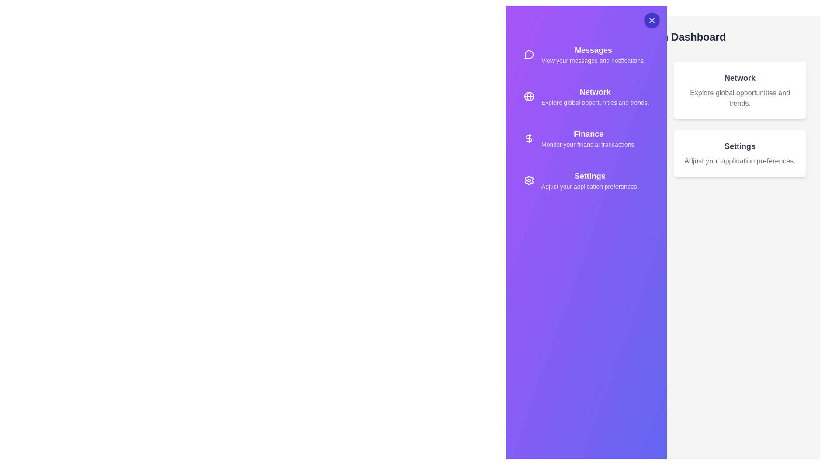 The image size is (839, 472). Describe the element at coordinates (586, 138) in the screenshot. I see `the option Finance from the sidebar` at that location.